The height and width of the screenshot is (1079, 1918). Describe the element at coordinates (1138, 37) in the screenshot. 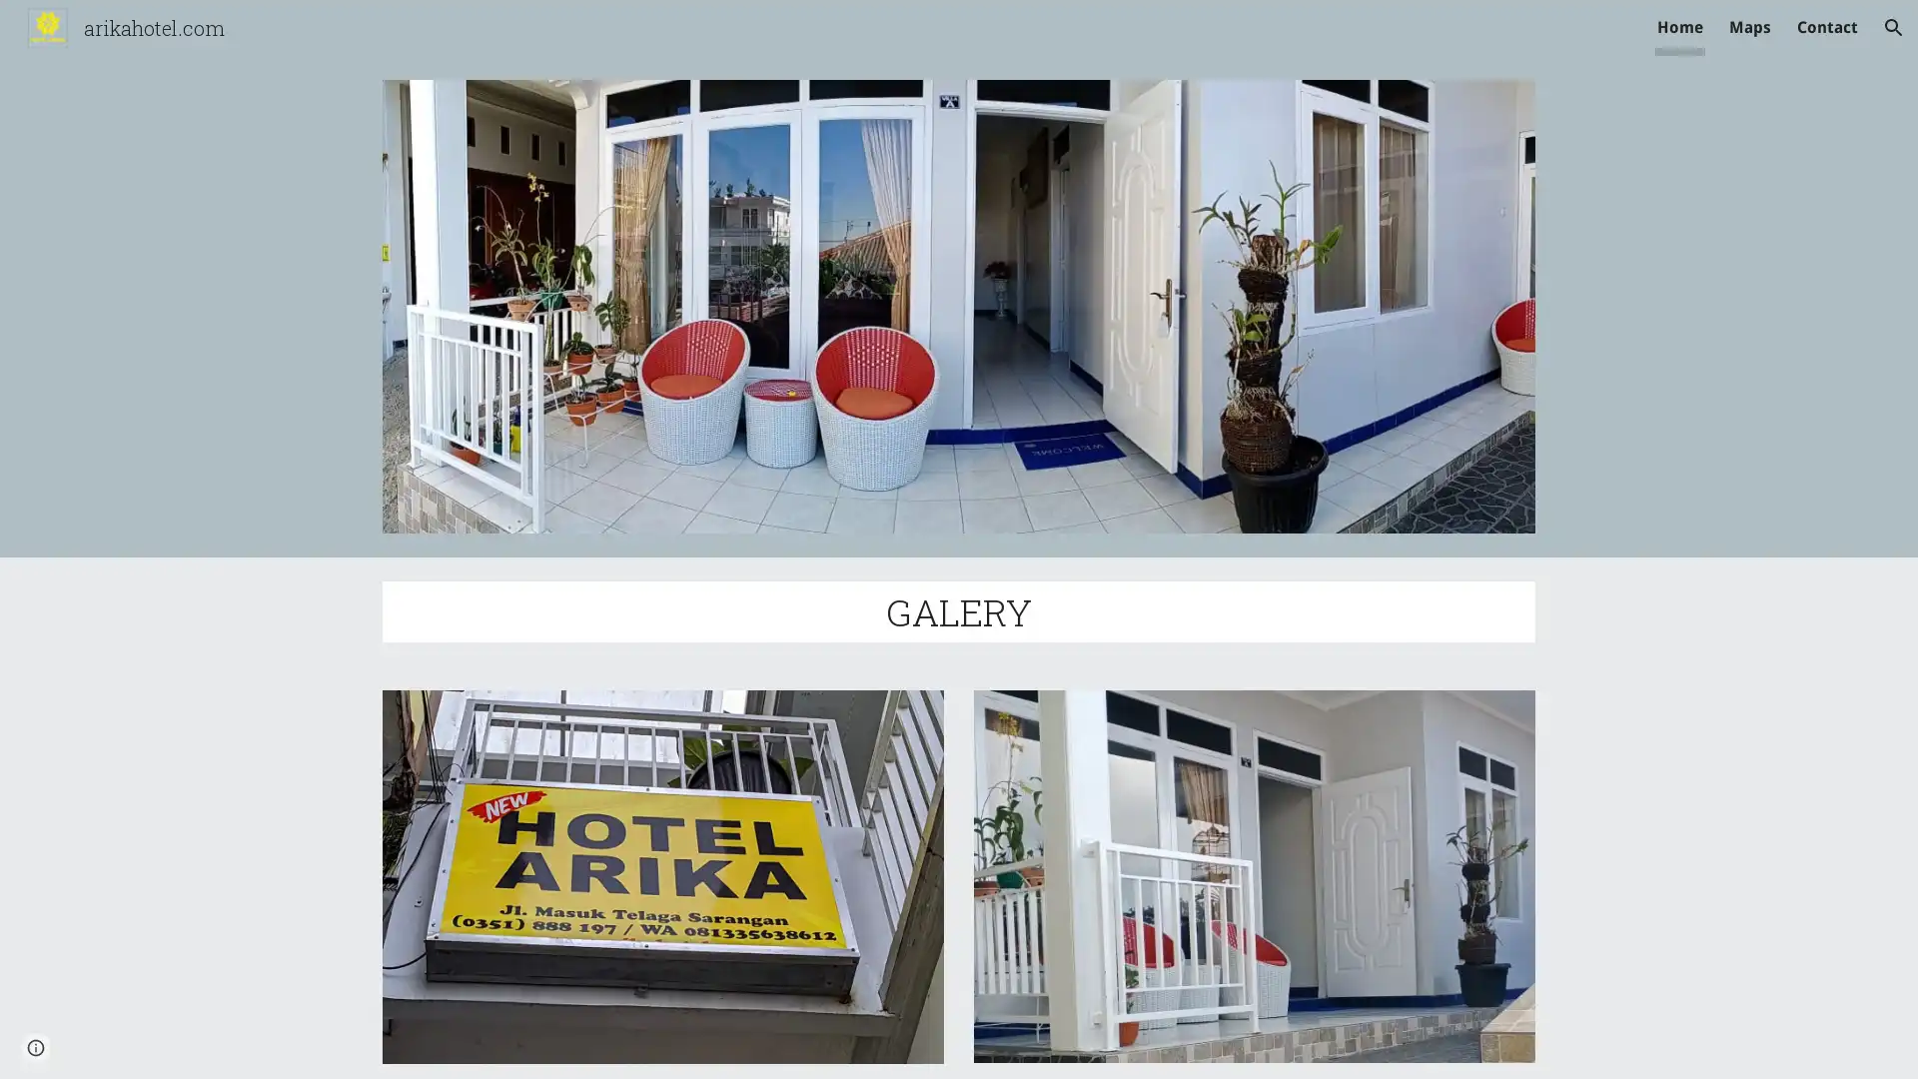

I see `Skip to navigation` at that location.